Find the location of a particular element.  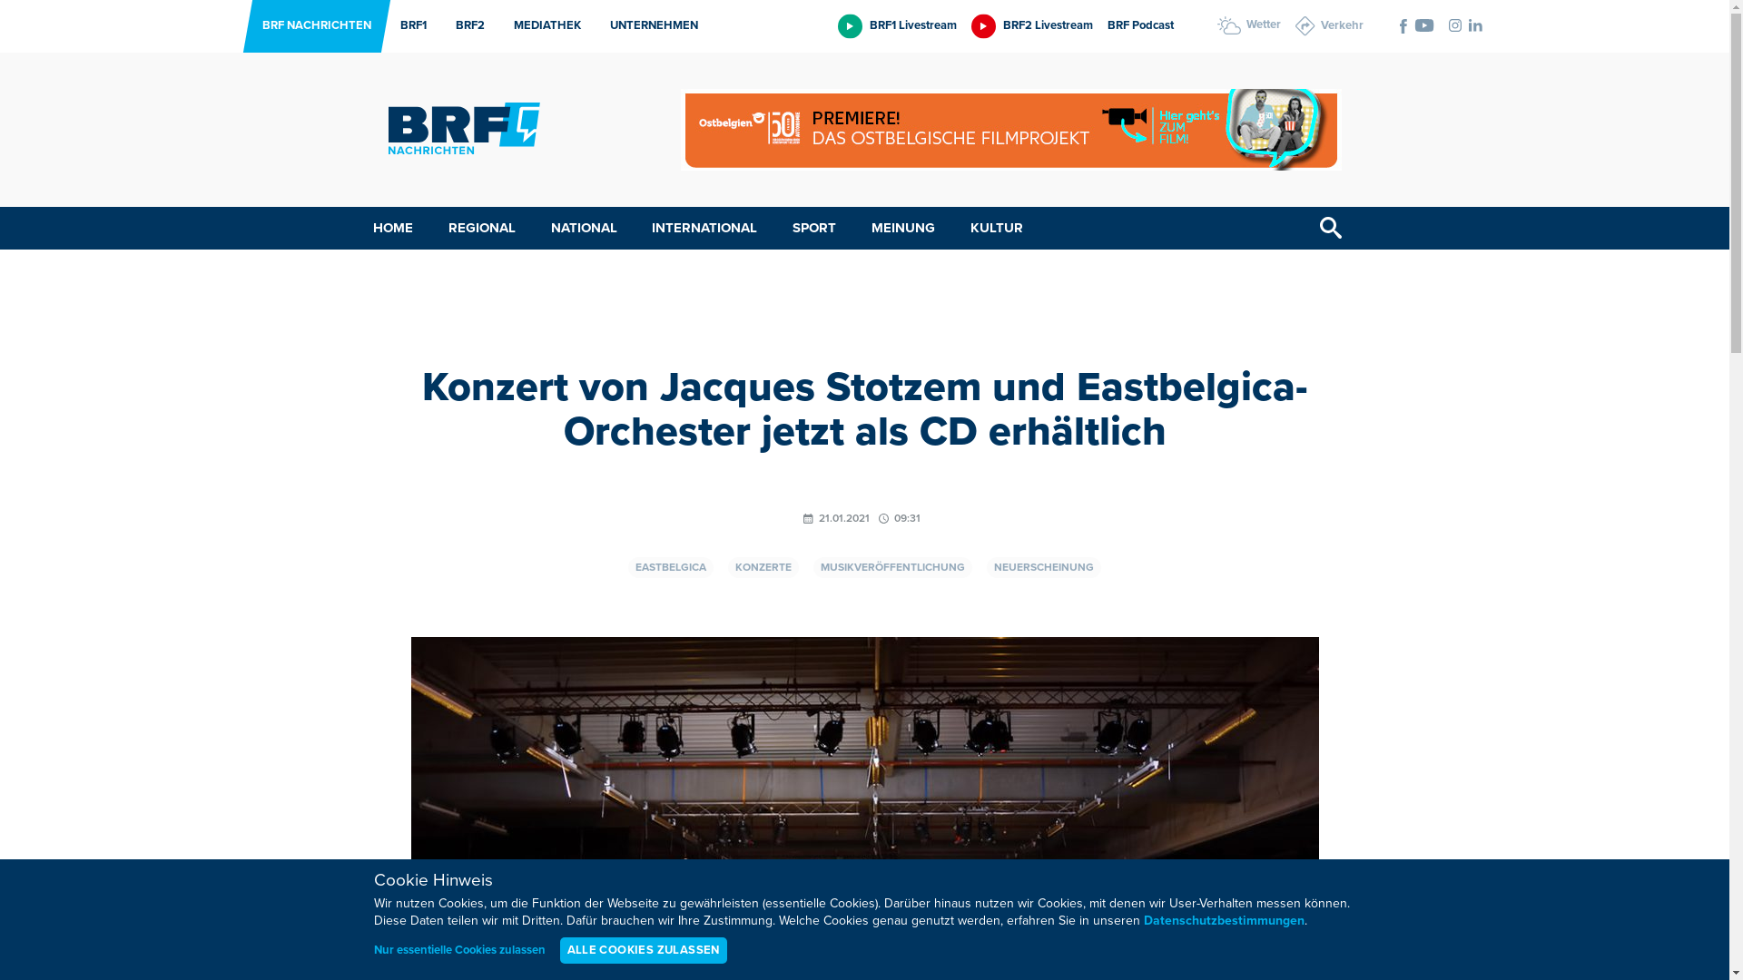

'EASTBELGICA' is located at coordinates (627, 566).